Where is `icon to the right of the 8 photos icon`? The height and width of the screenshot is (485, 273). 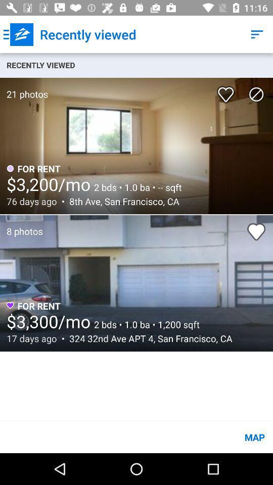 icon to the right of the 8 photos icon is located at coordinates (256, 231).